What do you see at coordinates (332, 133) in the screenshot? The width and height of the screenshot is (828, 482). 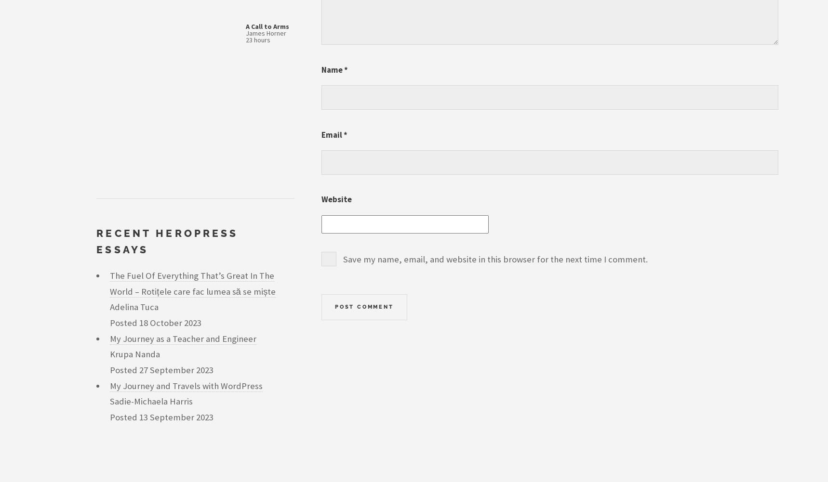 I see `'Email'` at bounding box center [332, 133].